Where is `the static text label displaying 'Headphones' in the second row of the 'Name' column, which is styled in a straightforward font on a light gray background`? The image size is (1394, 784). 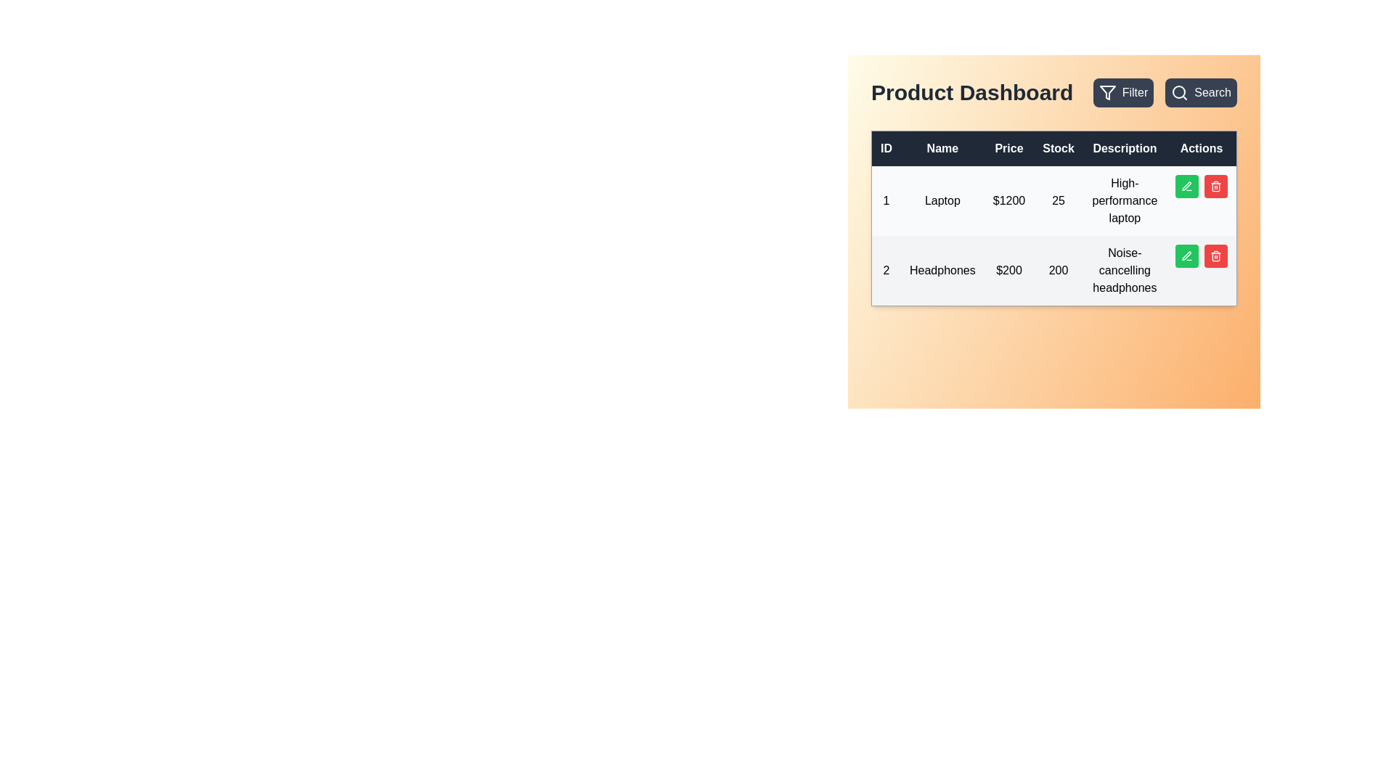 the static text label displaying 'Headphones' in the second row of the 'Name' column, which is styled in a straightforward font on a light gray background is located at coordinates (942, 271).